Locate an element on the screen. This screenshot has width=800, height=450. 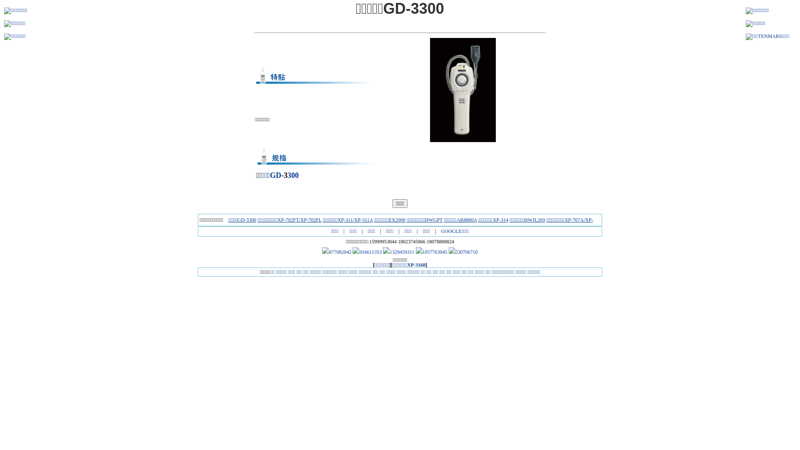
'GD' is located at coordinates (275, 175).